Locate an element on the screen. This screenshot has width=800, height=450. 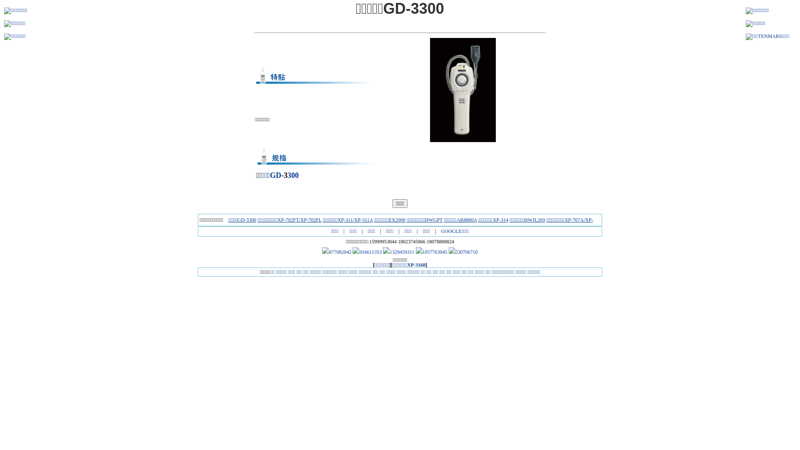
'GD' is located at coordinates (275, 175).